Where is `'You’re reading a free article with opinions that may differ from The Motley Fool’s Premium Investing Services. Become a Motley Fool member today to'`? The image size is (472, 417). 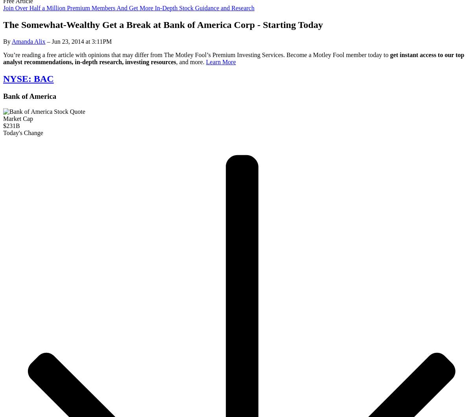 'You’re reading a free article with opinions that may differ from The Motley Fool’s Premium Investing Services. Become a Motley Fool member today to' is located at coordinates (196, 54).